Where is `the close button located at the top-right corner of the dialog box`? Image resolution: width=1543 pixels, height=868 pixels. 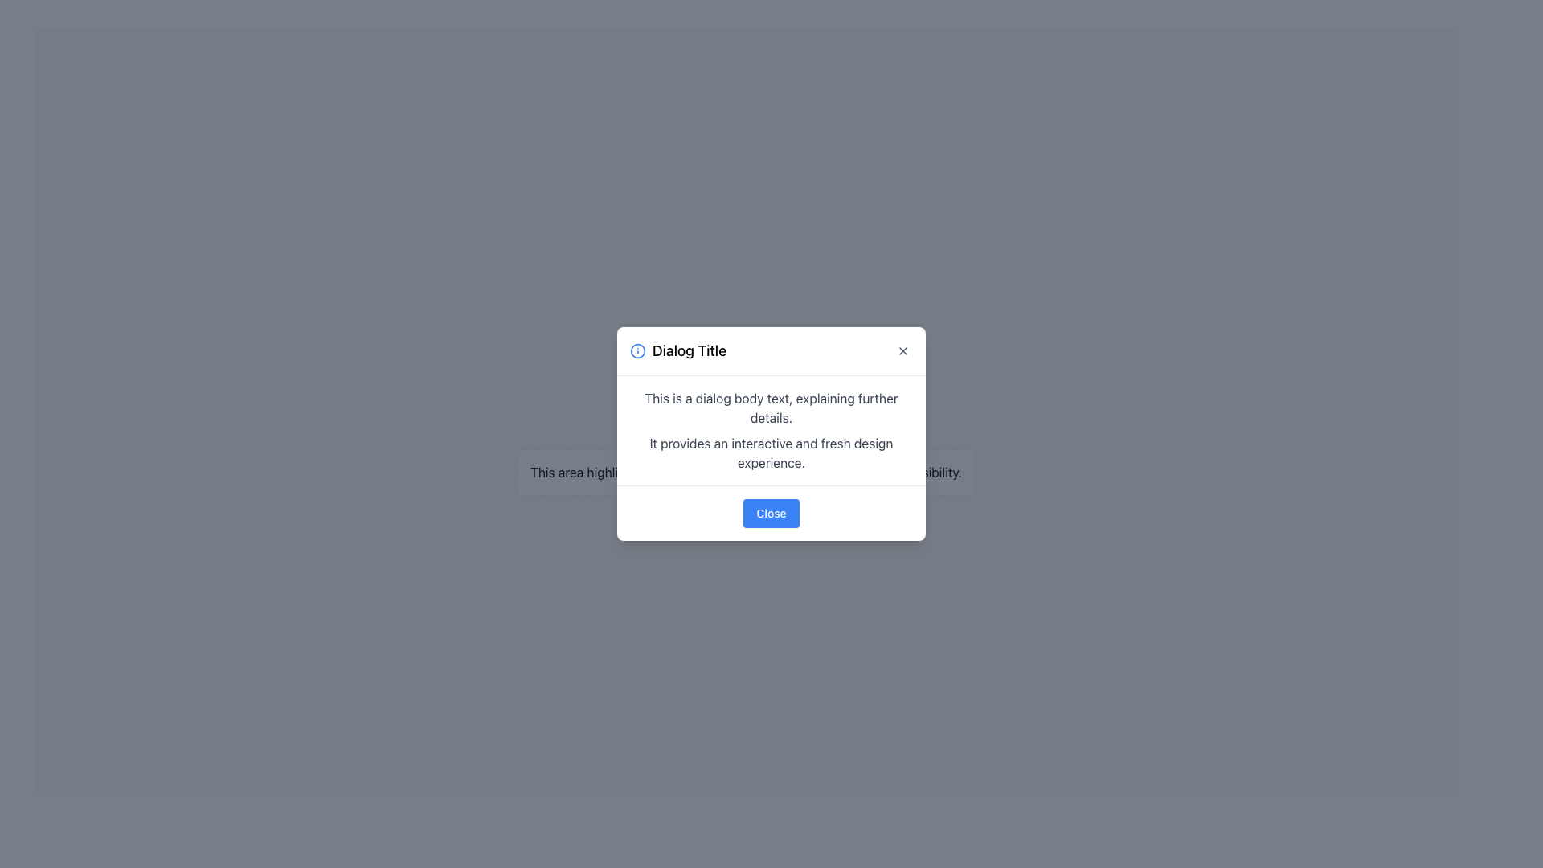 the close button located at the top-right corner of the dialog box is located at coordinates (902, 350).